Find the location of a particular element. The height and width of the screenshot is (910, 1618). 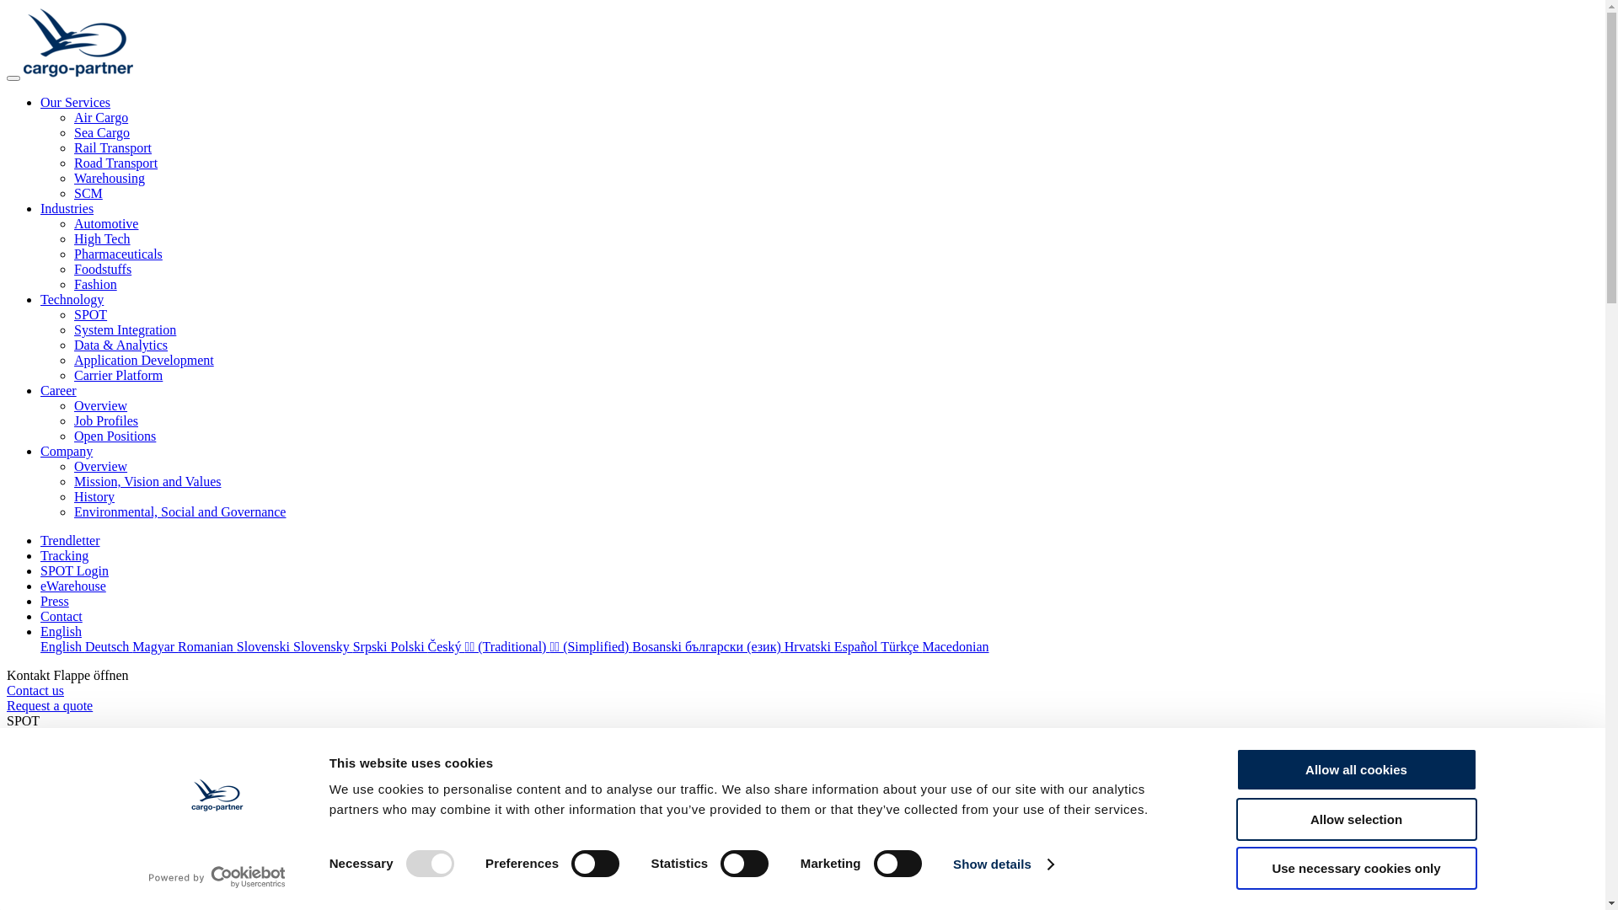

'Pharmaceuticals' is located at coordinates (117, 254).